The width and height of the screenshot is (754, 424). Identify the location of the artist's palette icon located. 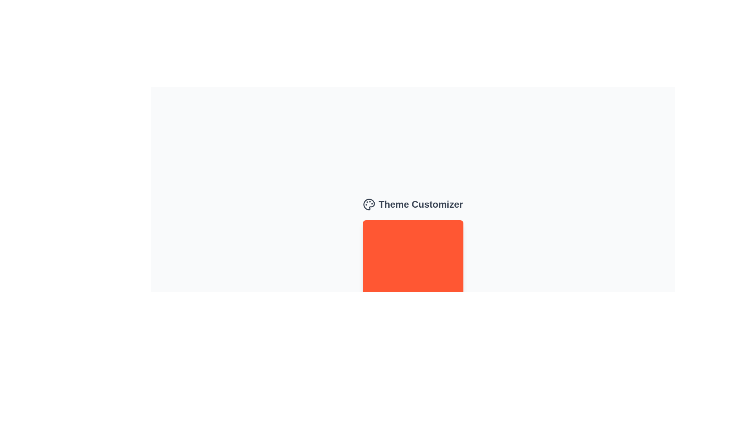
(369, 204).